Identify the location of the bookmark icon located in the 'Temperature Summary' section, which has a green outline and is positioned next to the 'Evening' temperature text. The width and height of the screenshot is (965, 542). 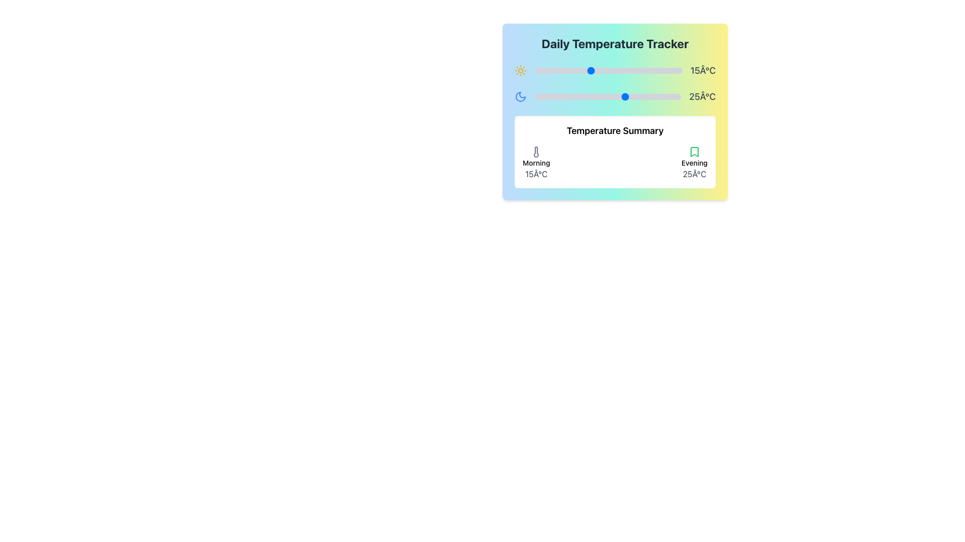
(694, 152).